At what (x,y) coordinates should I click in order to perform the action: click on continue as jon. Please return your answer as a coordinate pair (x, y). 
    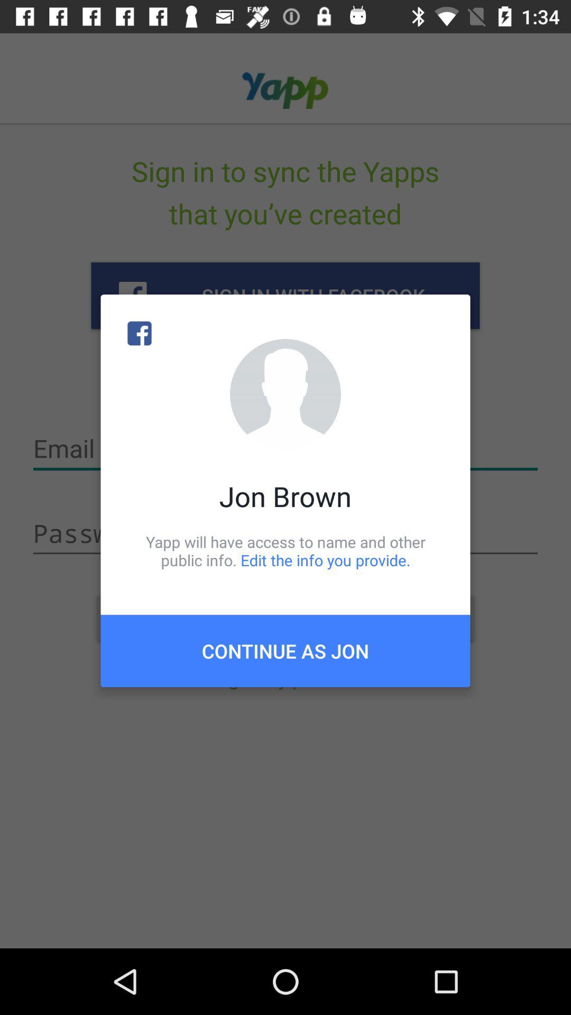
    Looking at the image, I should click on (285, 650).